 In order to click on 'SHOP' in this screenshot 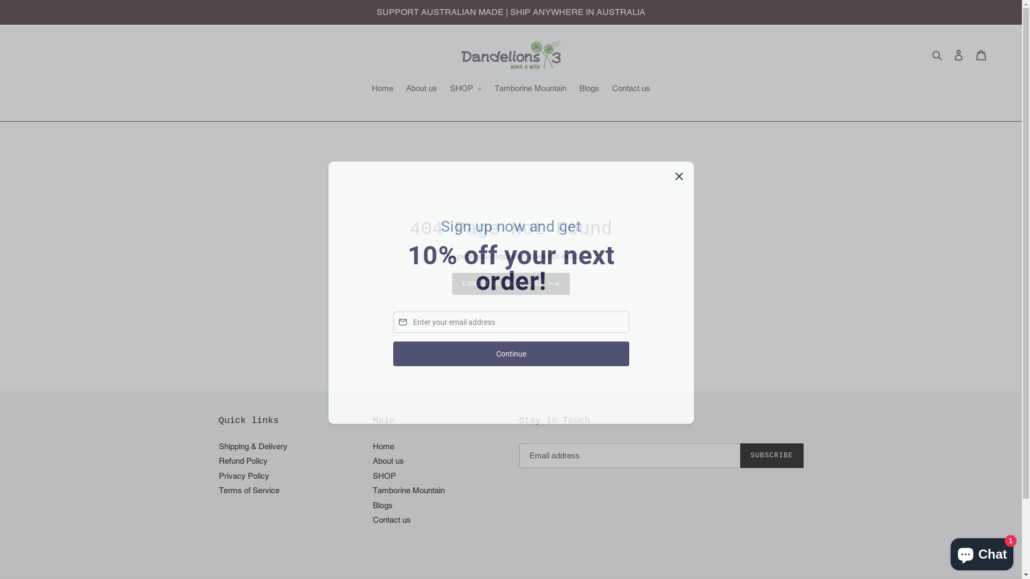, I will do `click(384, 475)`.